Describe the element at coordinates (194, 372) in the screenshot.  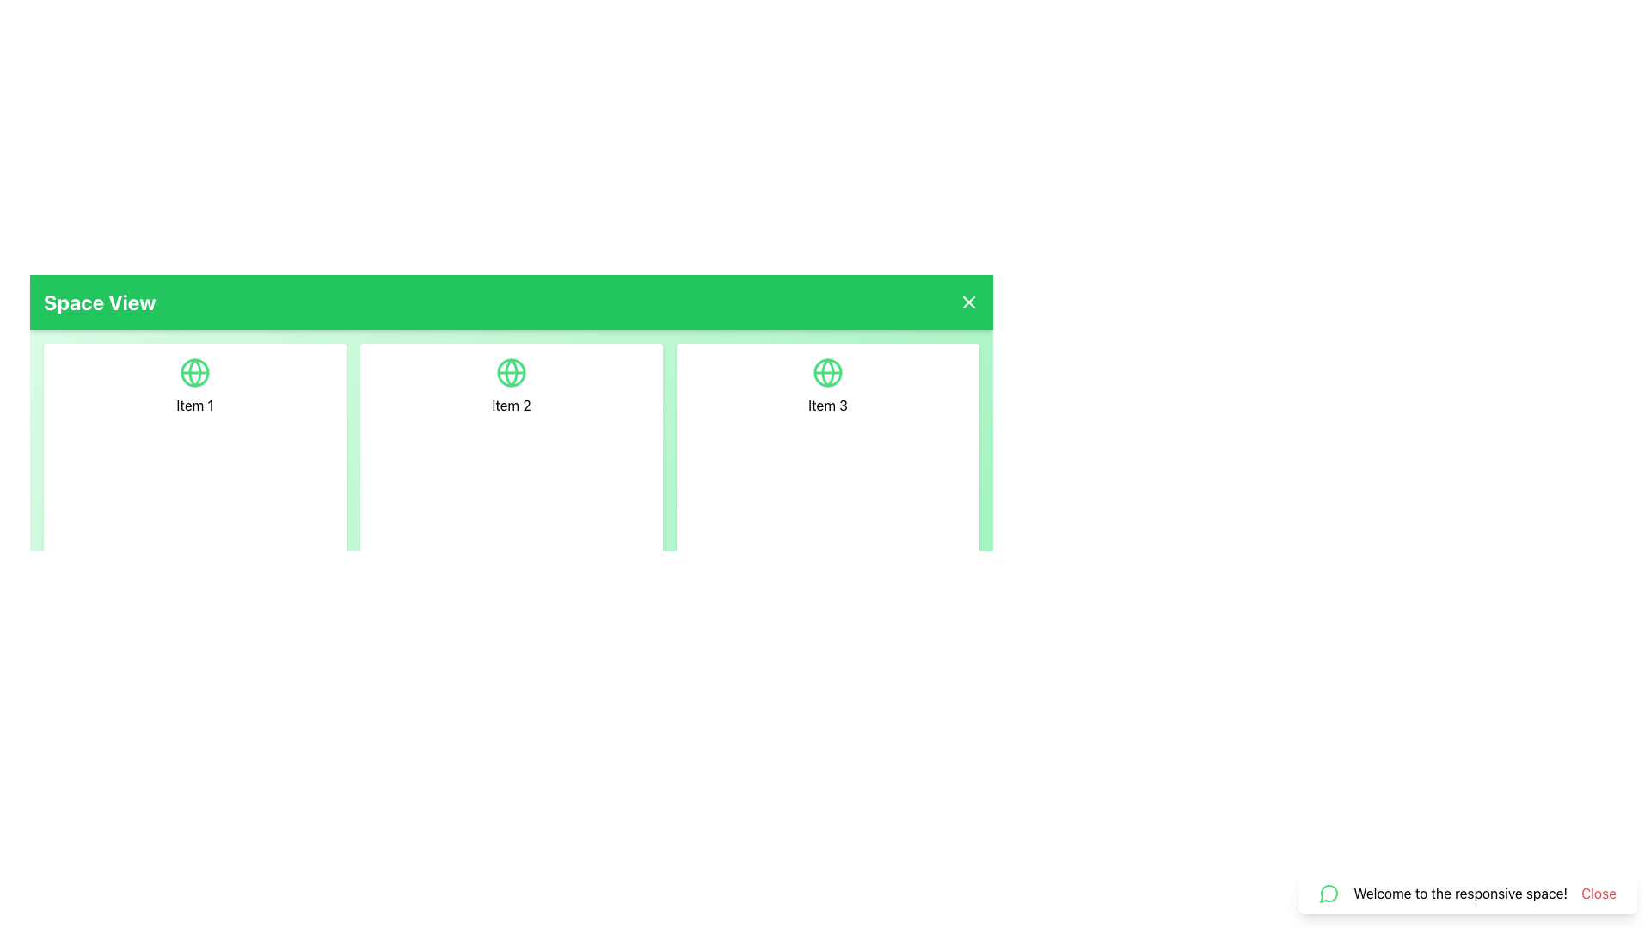
I see `the curved longitudinal line on the globe icon representing 'Item 1' in the 'Space View' section` at that location.